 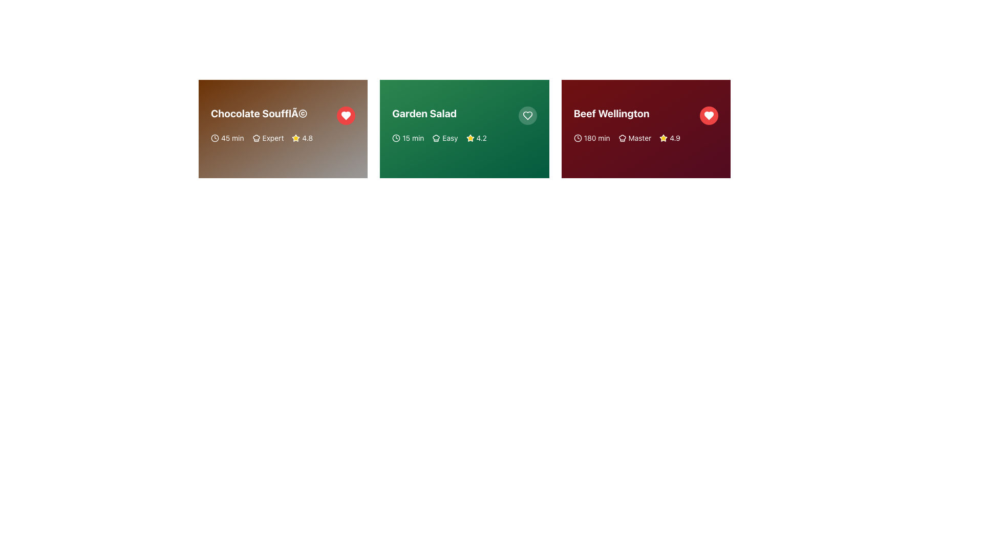 What do you see at coordinates (256, 138) in the screenshot?
I see `the culinary icon located in the card titled 'Chocolate Soufflé', positioned in the middle-left section below the title and adjacent to the culinary time and difficulty level text` at bounding box center [256, 138].